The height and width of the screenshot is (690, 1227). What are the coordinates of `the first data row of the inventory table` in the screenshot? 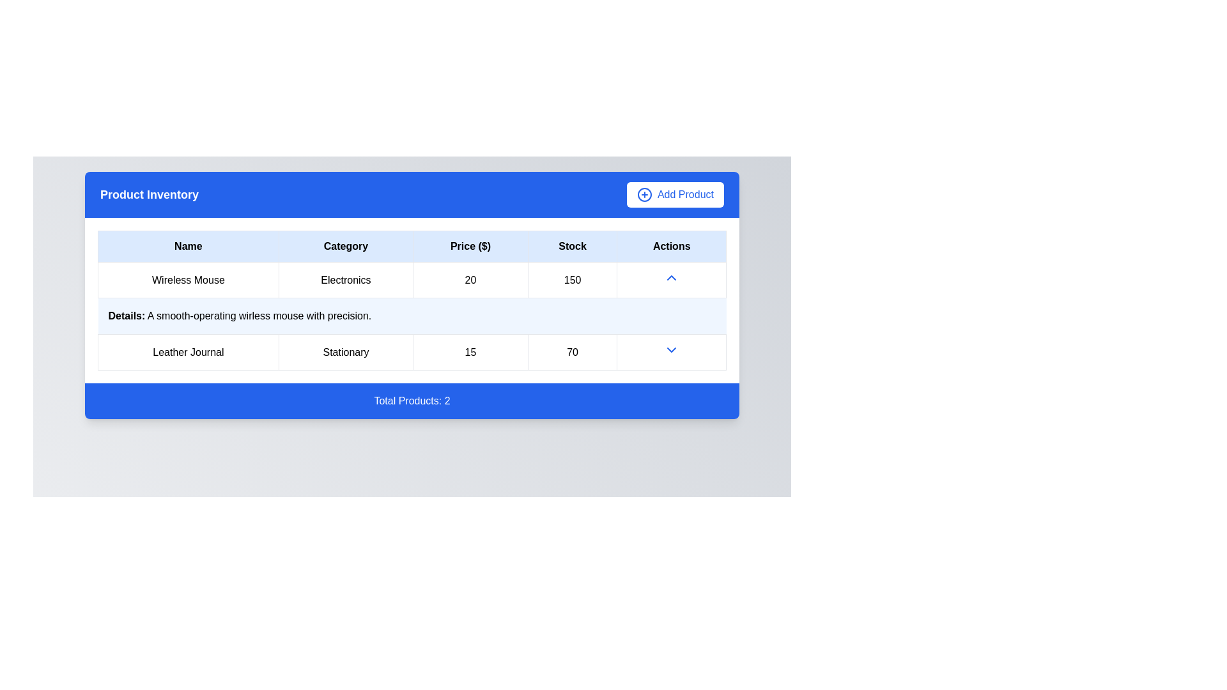 It's located at (412, 279).